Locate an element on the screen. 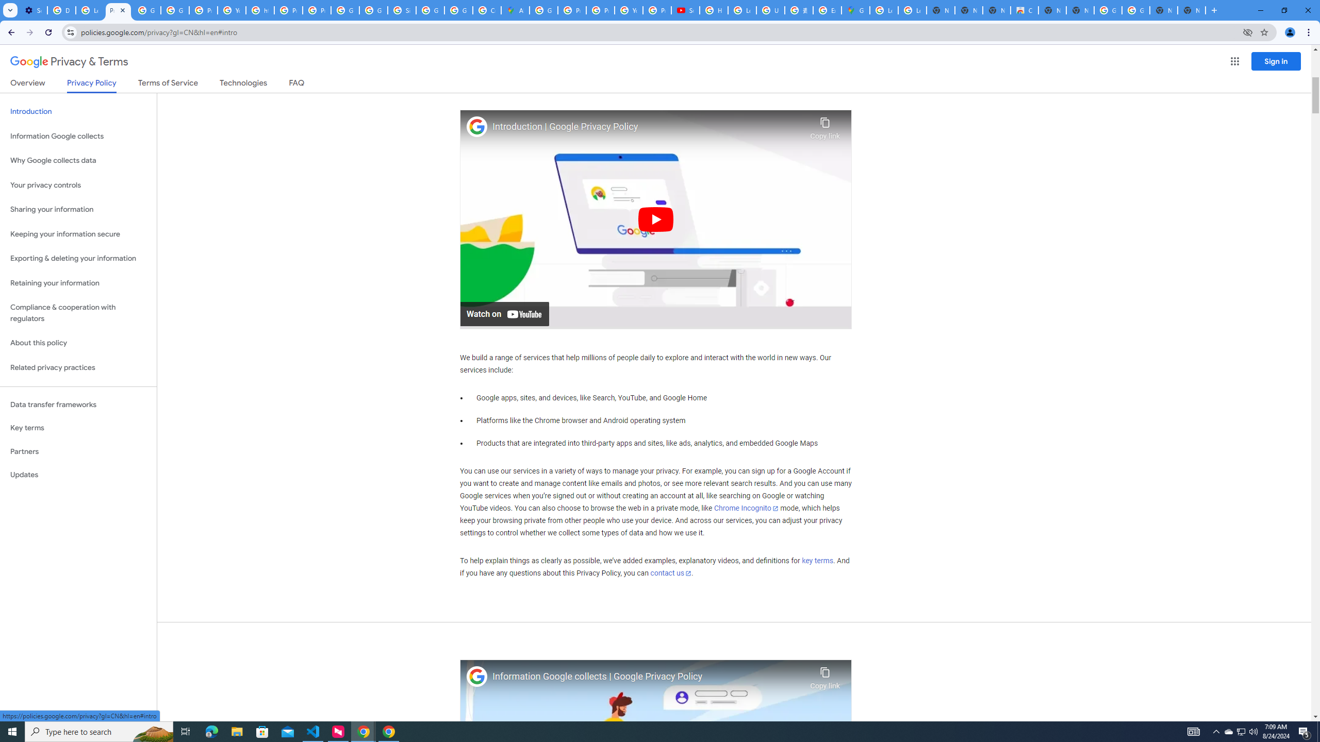 The height and width of the screenshot is (742, 1320). 'Privacy Help Center - Policies Help' is located at coordinates (571, 10).